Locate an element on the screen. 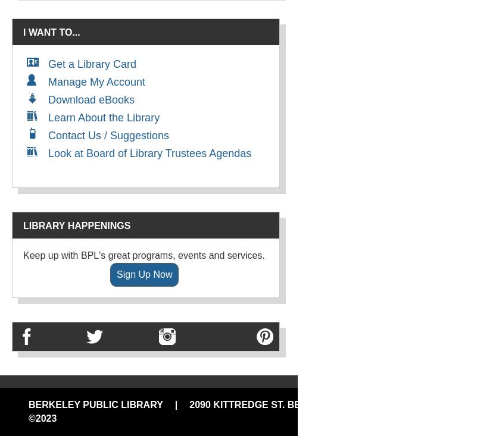  'Sign Up Now' is located at coordinates (144, 273).